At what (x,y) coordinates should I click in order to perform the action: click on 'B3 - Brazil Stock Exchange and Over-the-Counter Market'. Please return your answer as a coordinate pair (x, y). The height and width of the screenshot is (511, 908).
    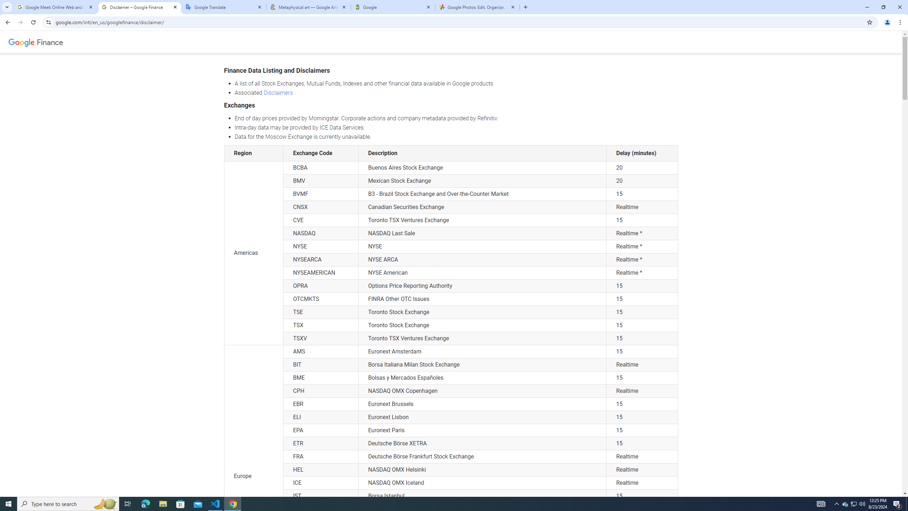
    Looking at the image, I should click on (482, 194).